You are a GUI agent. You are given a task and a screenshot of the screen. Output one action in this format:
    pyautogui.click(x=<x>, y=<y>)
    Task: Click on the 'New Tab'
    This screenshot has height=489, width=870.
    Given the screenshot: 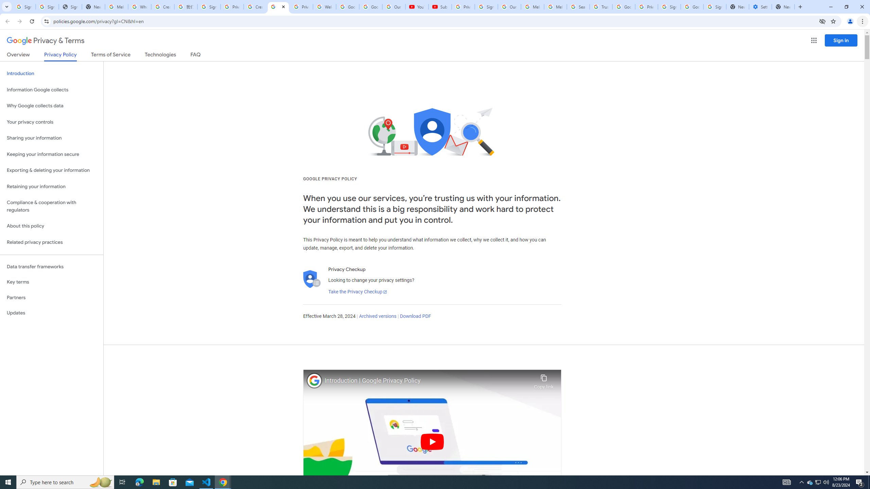 What is the action you would take?
    pyautogui.click(x=783, y=6)
    